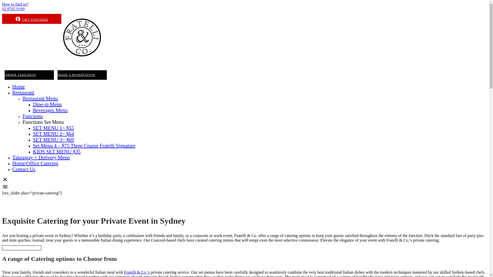 The width and height of the screenshot is (493, 277). What do you see at coordinates (29, 75) in the screenshot?
I see `'ORDER TAKEAWAY'` at bounding box center [29, 75].